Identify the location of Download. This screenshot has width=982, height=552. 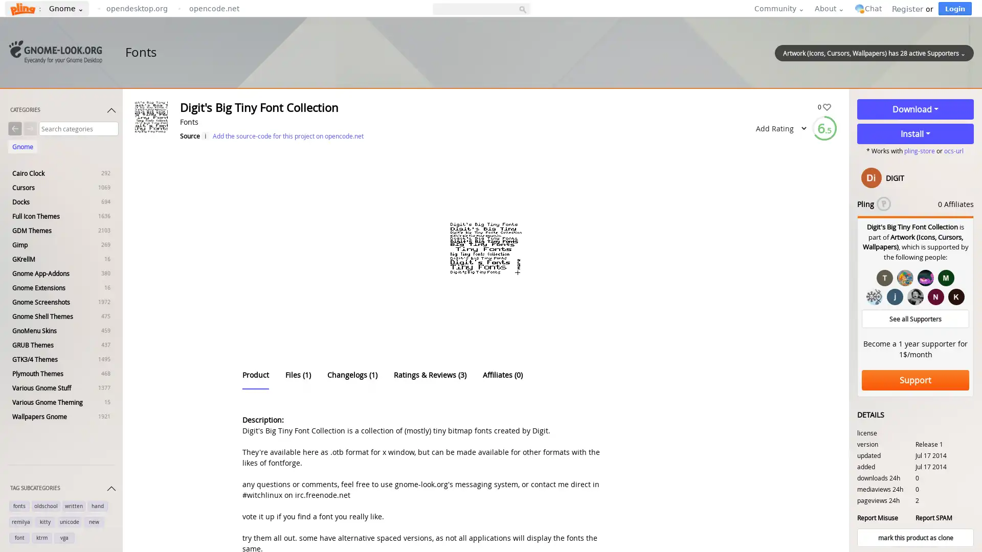
(916, 109).